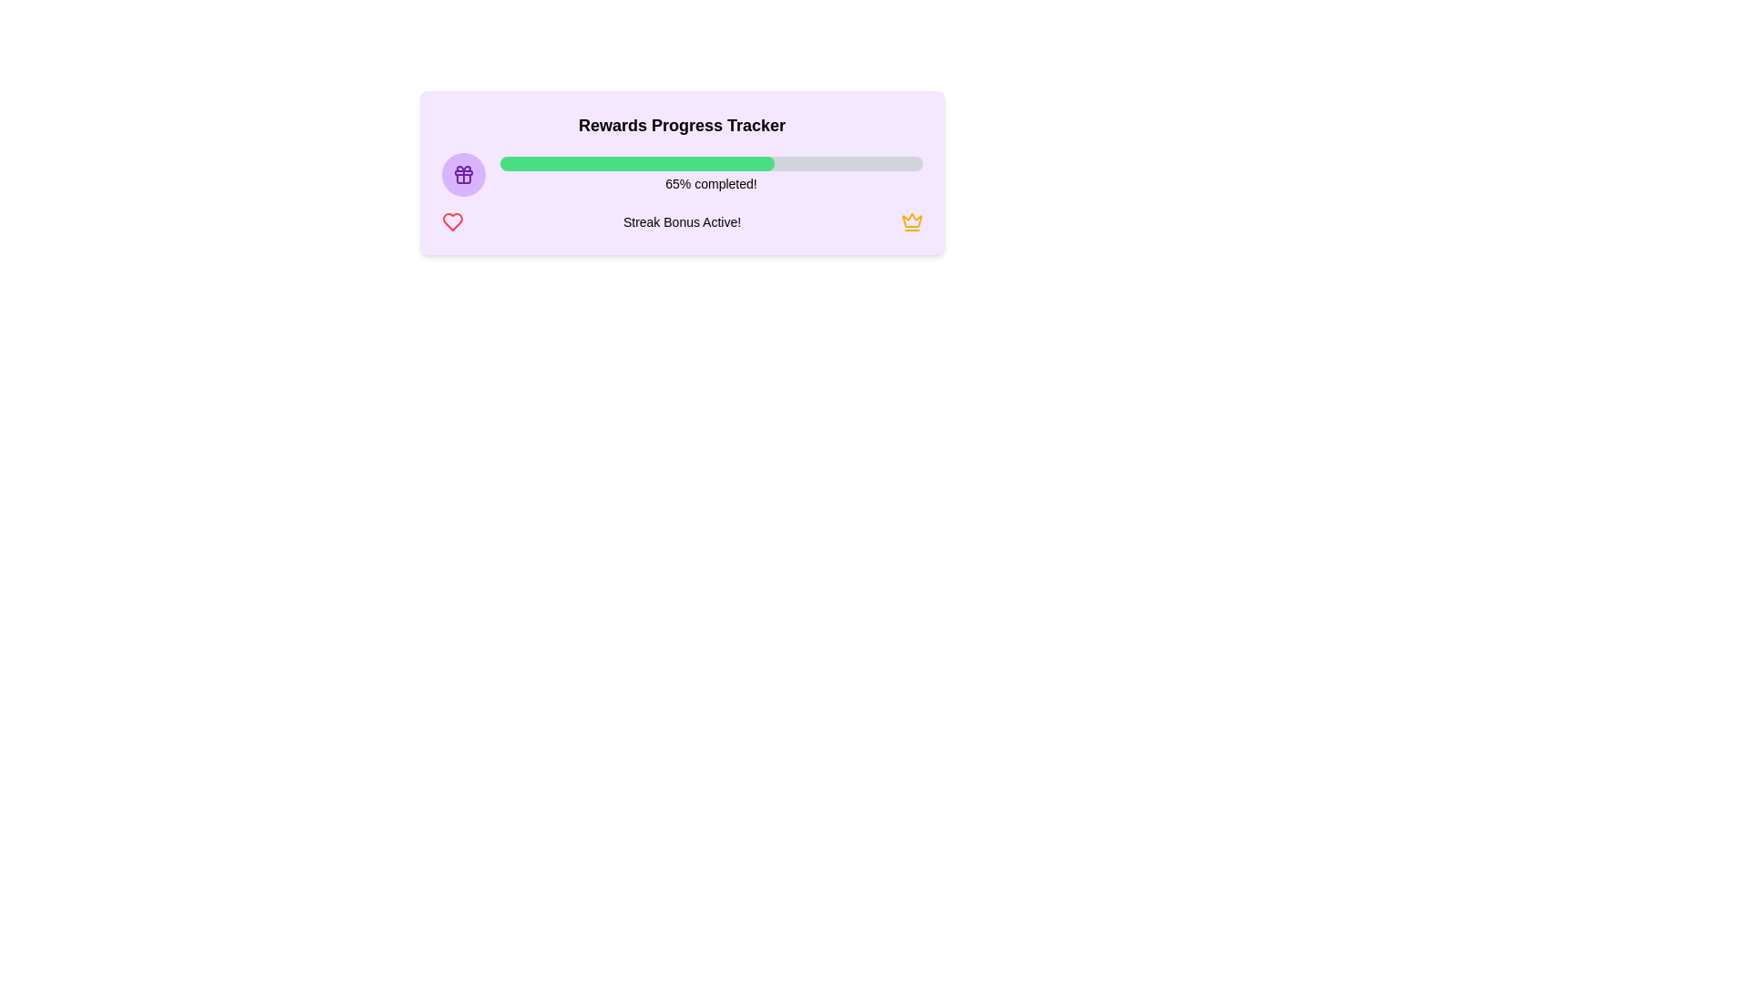  What do you see at coordinates (452, 220) in the screenshot?
I see `the SVG Icon that conveys a positive sentiment, located in the bottom-left section of the 'Rewards Progress Tracker' interface` at bounding box center [452, 220].